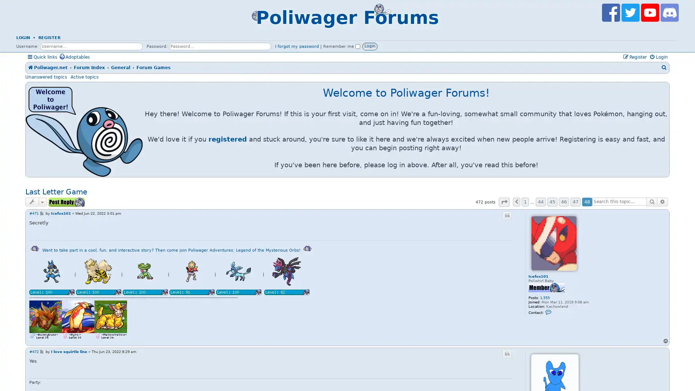 Image resolution: width=695 pixels, height=391 pixels. I want to click on Search, so click(652, 201).